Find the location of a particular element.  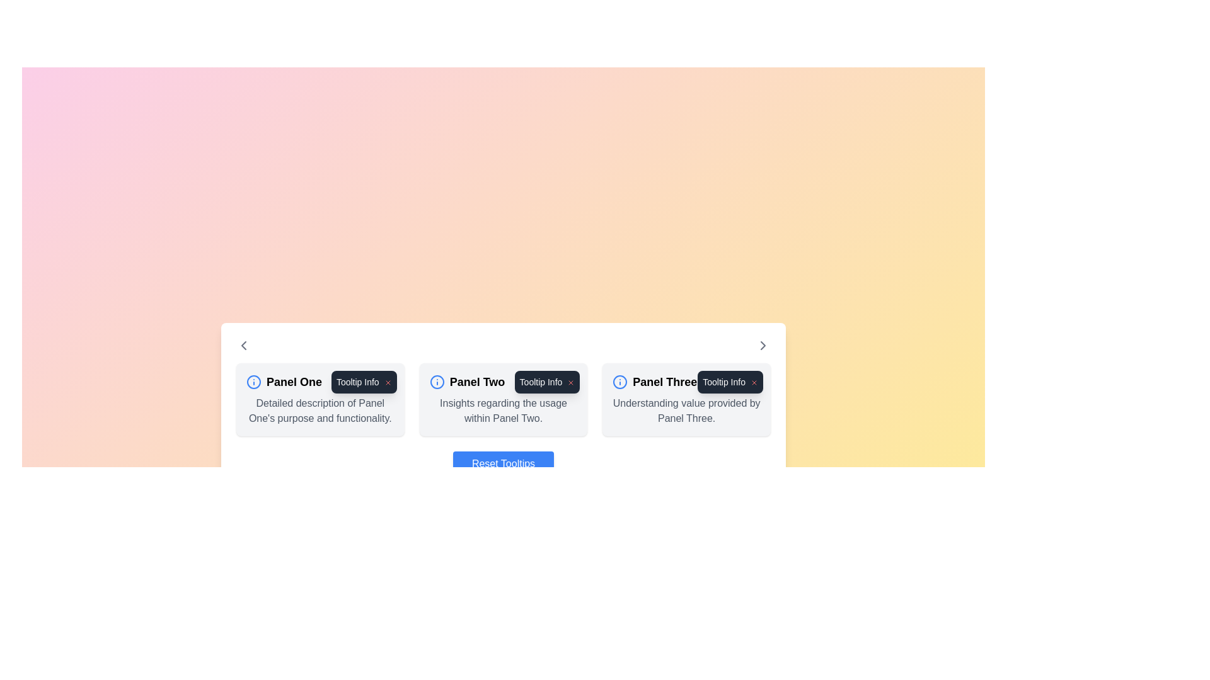

the 'Panel Three' text label, which is styled with a bold font and is positioned next to a small blue circular icon with an 'i' symbol is located at coordinates (686, 381).